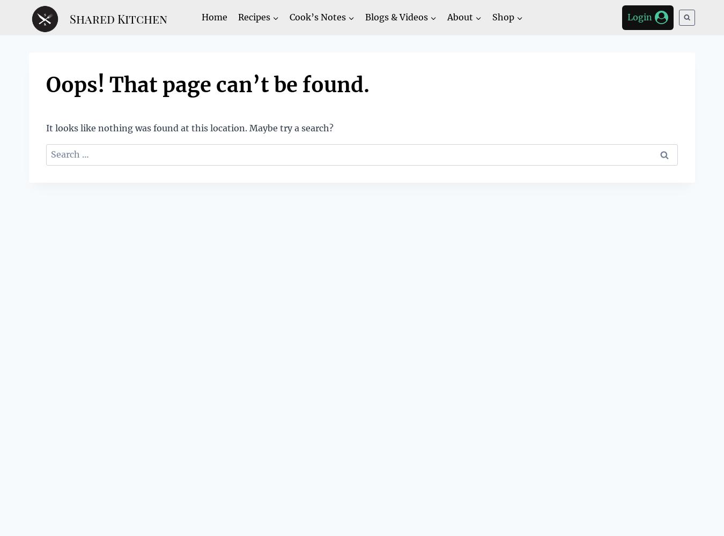 The height and width of the screenshot is (536, 724). Describe the element at coordinates (237, 17) in the screenshot. I see `'Recipes'` at that location.